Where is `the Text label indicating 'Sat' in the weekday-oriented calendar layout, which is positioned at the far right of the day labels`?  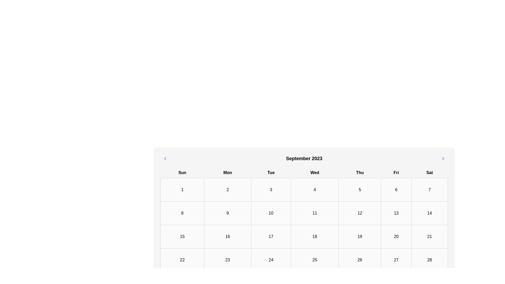
the Text label indicating 'Sat' in the weekday-oriented calendar layout, which is positioned at the far right of the day labels is located at coordinates (430, 173).